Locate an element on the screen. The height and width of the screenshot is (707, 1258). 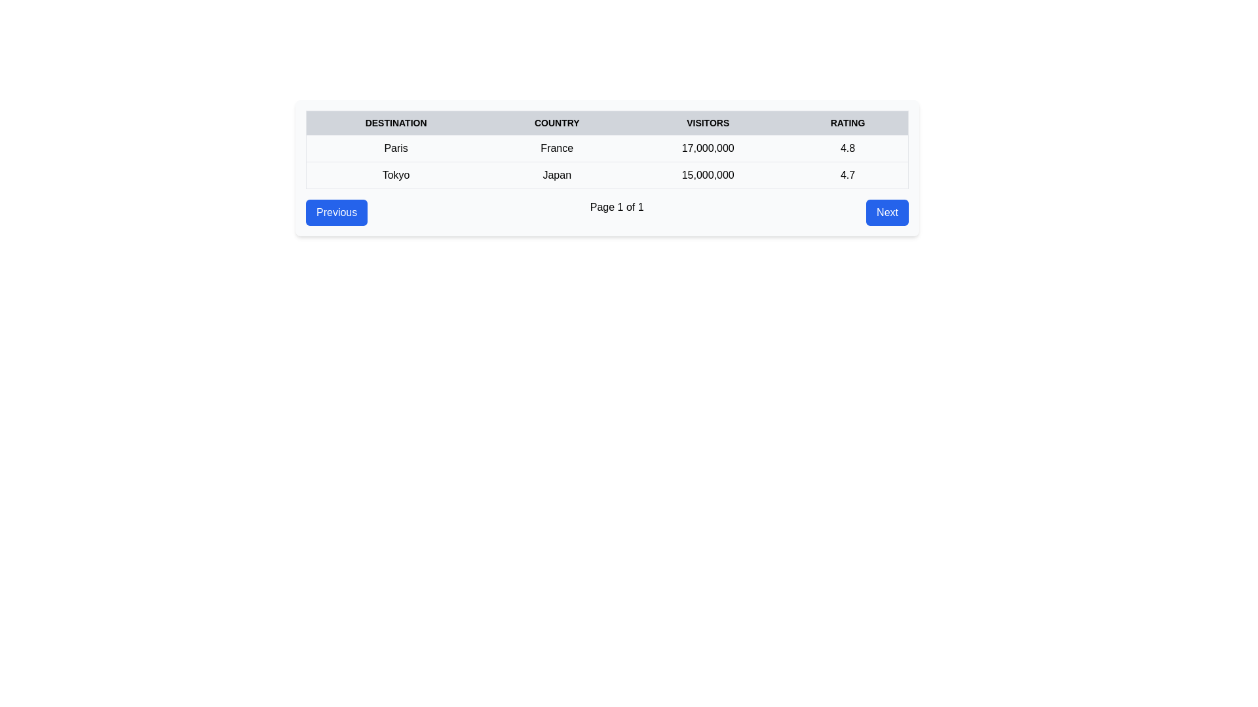
the 'Rating' column header text label in the table, which is the fourth column header located towards the top-right quadrant of the interface is located at coordinates (848, 123).